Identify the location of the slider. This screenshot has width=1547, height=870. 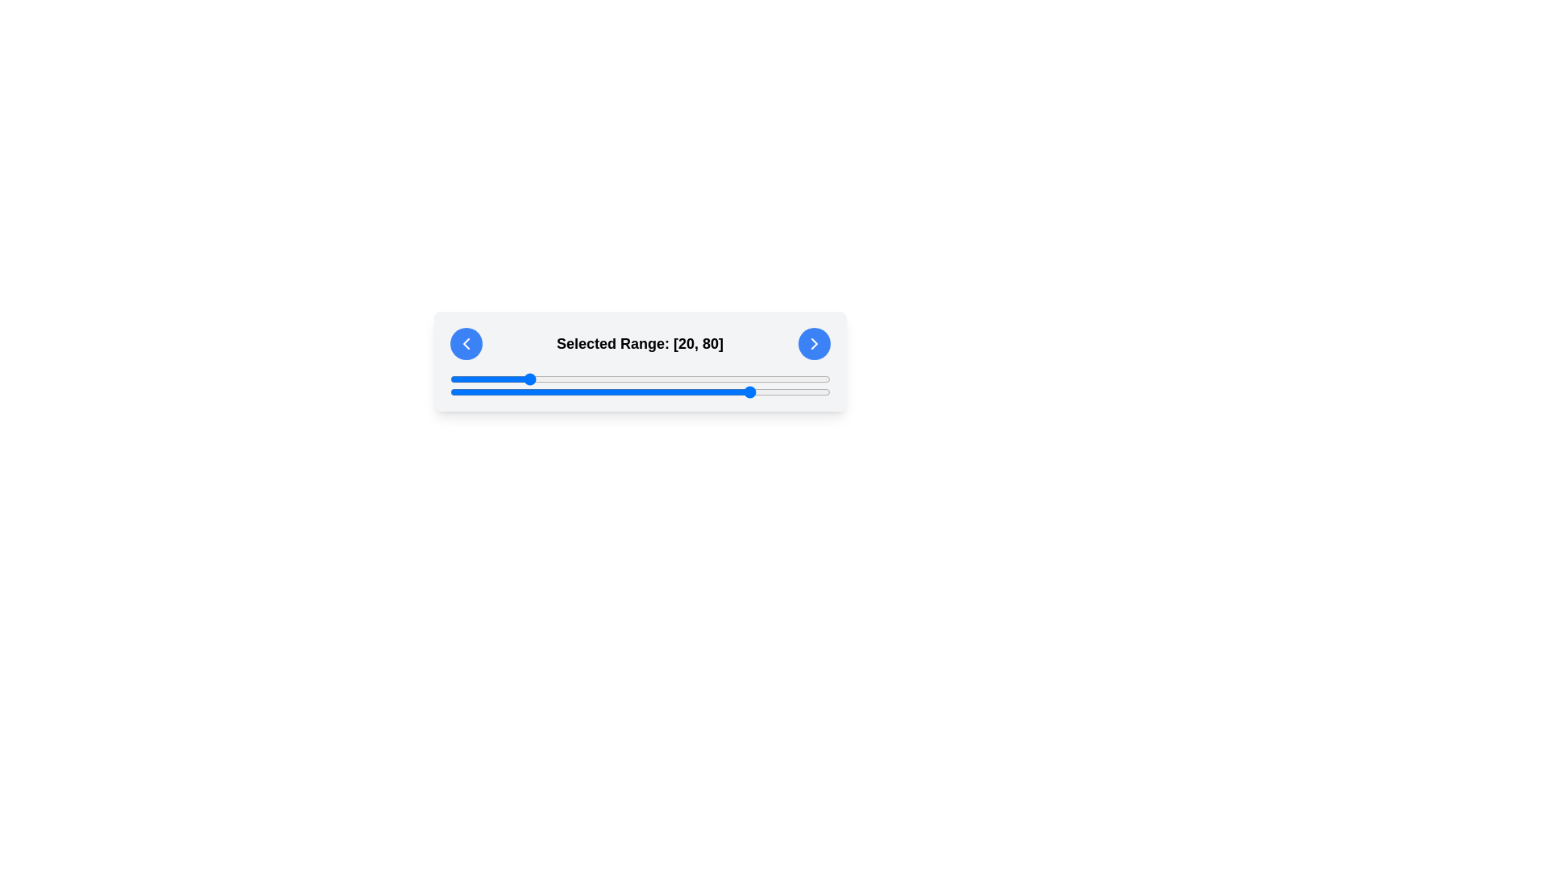
(734, 391).